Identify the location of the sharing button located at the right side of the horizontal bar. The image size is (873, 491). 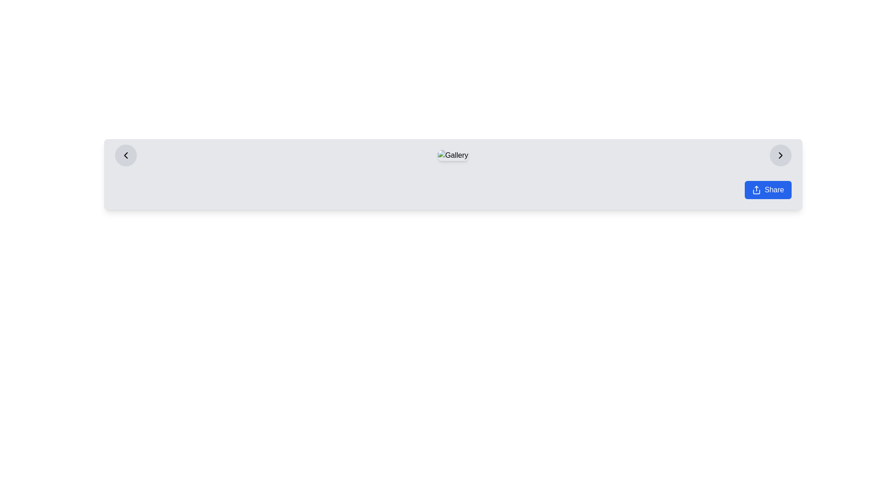
(768, 189).